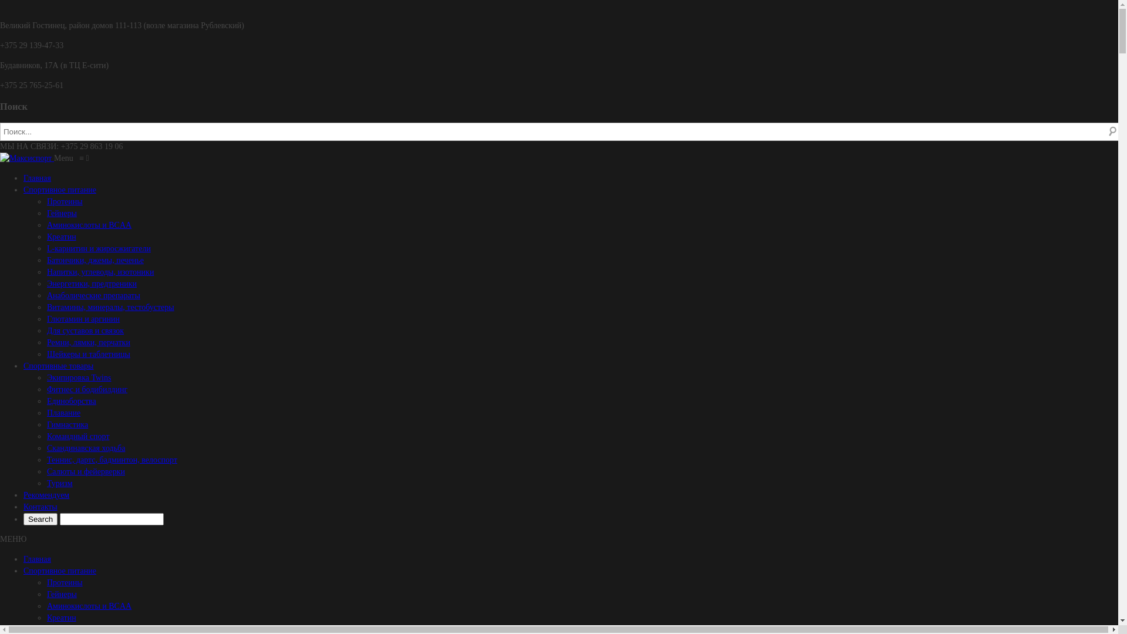 This screenshot has width=1127, height=634. Describe the element at coordinates (40, 518) in the screenshot. I see `'Search'` at that location.